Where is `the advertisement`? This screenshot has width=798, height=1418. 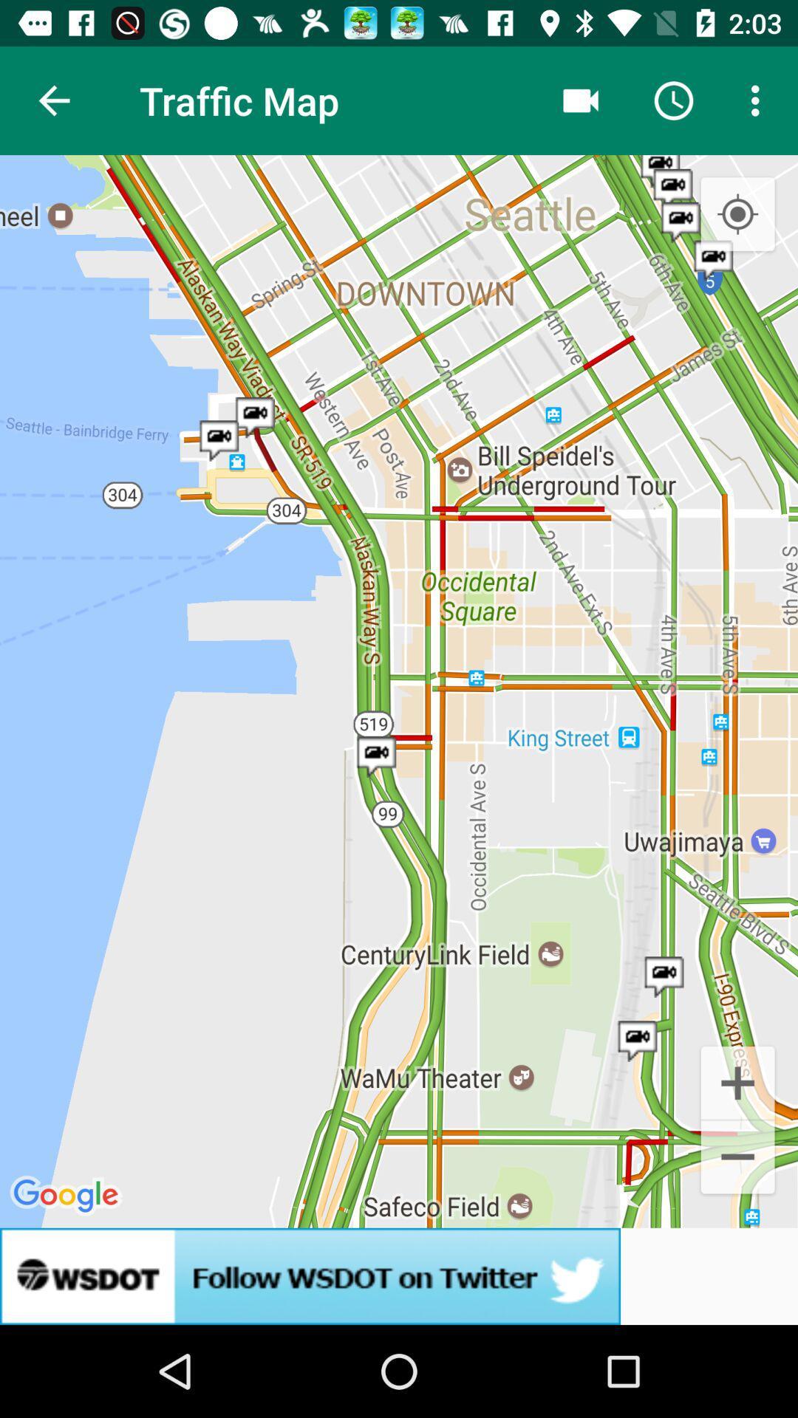
the advertisement is located at coordinates (399, 1275).